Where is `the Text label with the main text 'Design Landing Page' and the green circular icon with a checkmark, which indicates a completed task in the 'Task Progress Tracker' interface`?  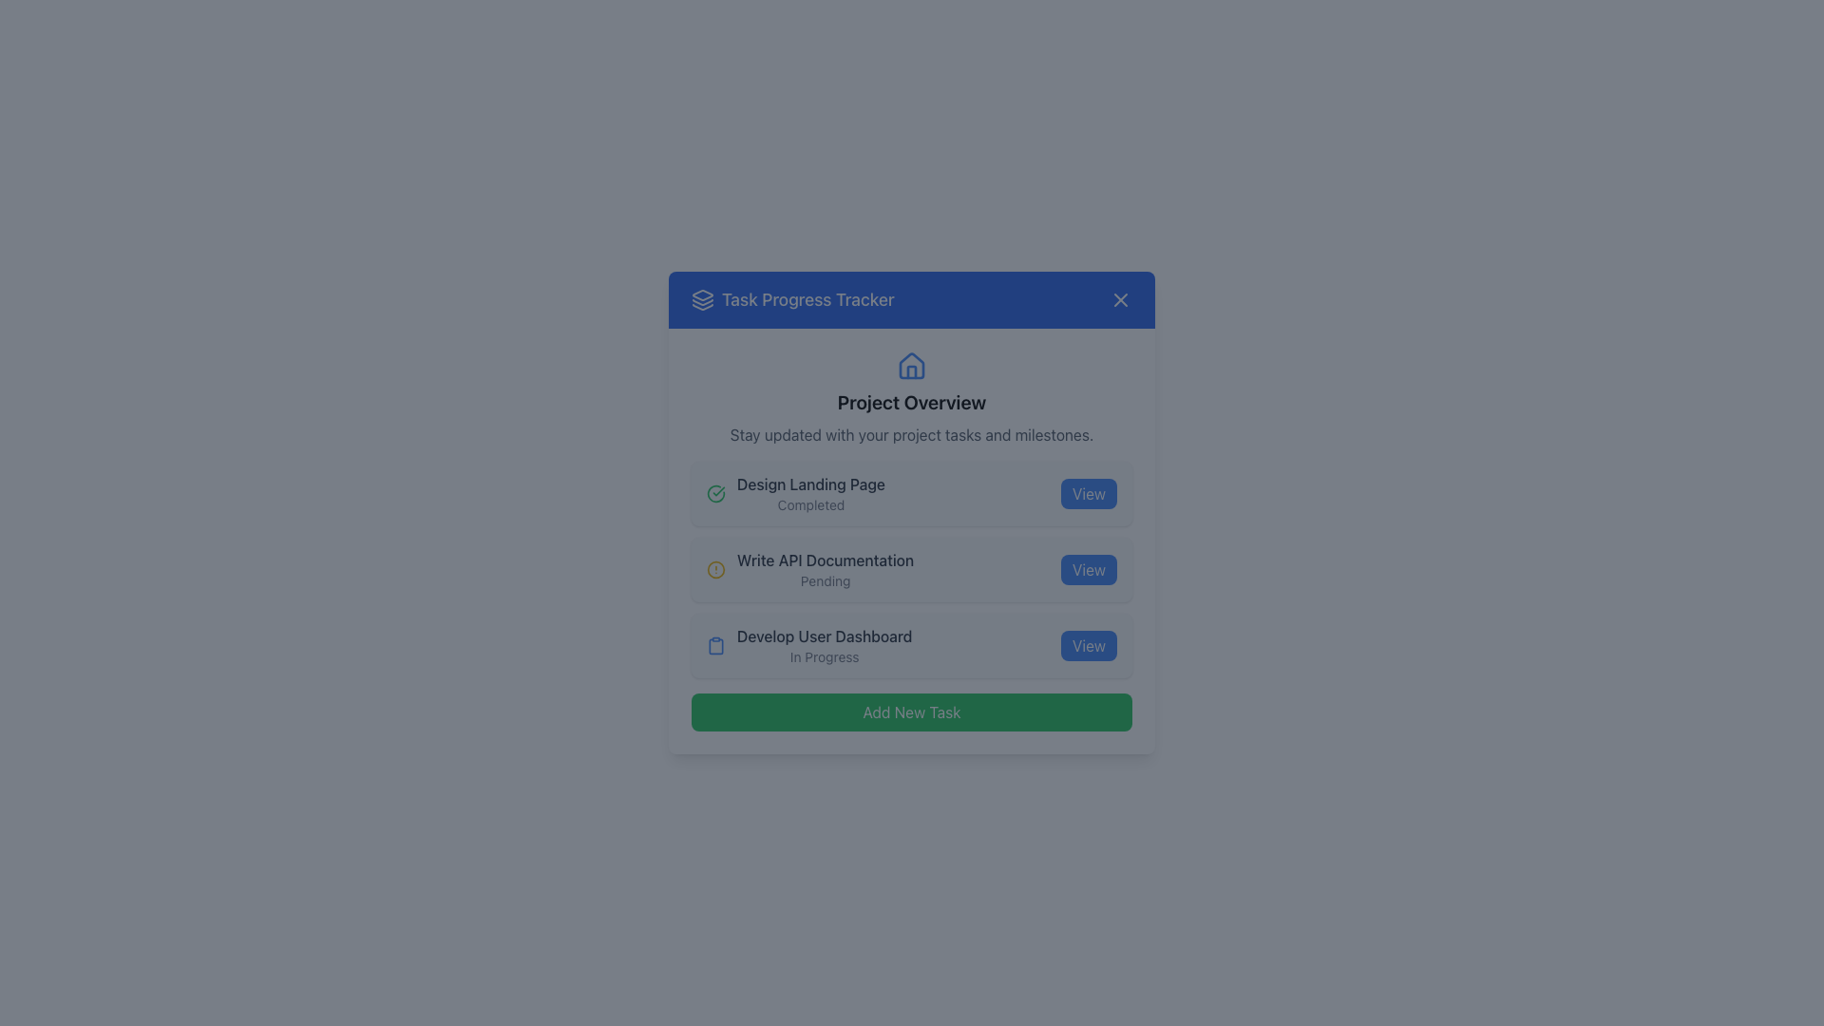 the Text label with the main text 'Design Landing Page' and the green circular icon with a checkmark, which indicates a completed task in the 'Task Progress Tracker' interface is located at coordinates (796, 493).